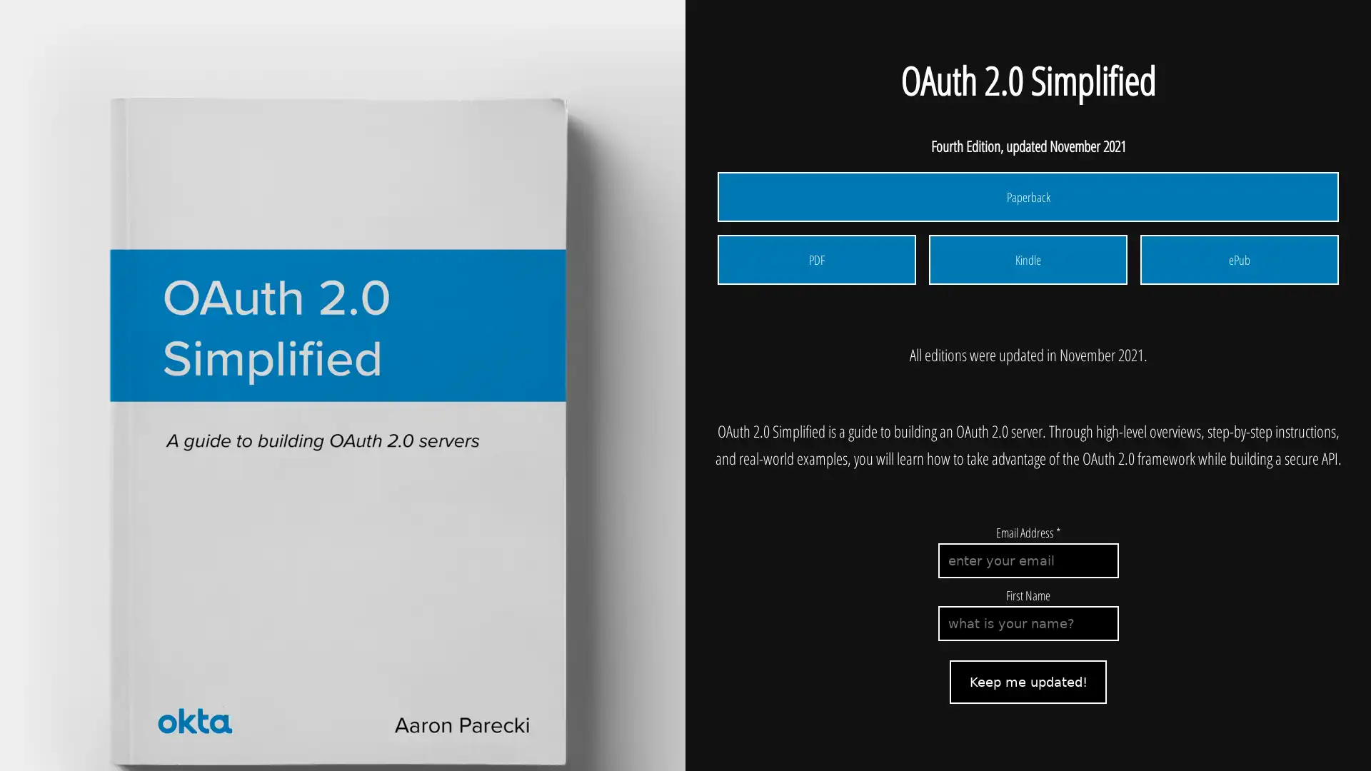  I want to click on Keep me updated!, so click(1028, 681).